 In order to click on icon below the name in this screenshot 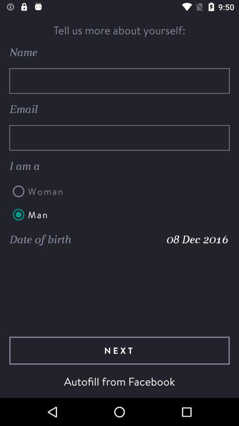, I will do `click(119, 81)`.